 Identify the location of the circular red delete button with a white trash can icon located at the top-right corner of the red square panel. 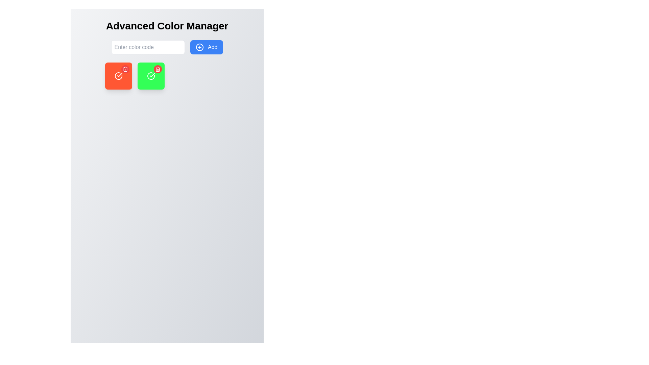
(125, 69).